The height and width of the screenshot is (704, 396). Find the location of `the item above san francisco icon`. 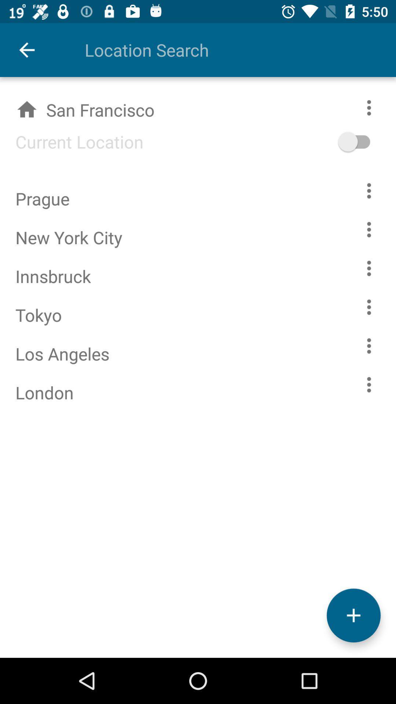

the item above san francisco icon is located at coordinates (224, 49).